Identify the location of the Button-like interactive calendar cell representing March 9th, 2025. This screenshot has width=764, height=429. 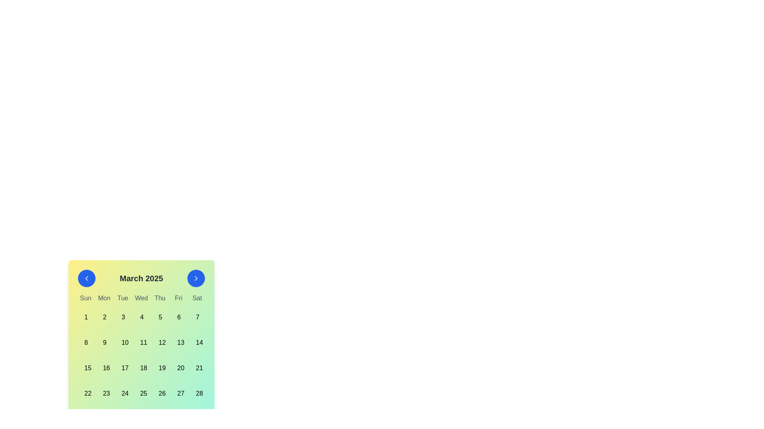
(104, 342).